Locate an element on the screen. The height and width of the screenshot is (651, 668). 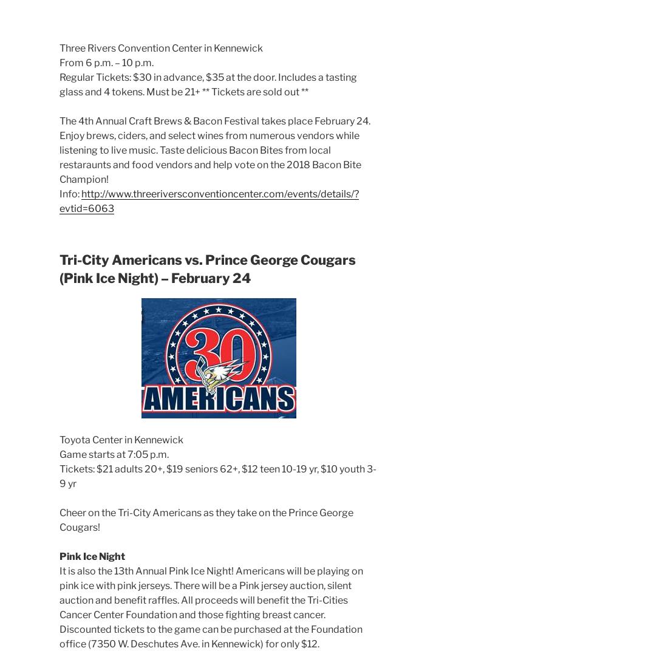
'The 4th Annual Craft Brews & Bacon Festival takes place February 24. Enjoy brews, ciders, and select wines from numerous vendors while listening to live music. Taste delicious Bacon Bites from local restaraunts and food vendors and help vote on the 2018 Bacon Bite Champion!' is located at coordinates (214, 149).